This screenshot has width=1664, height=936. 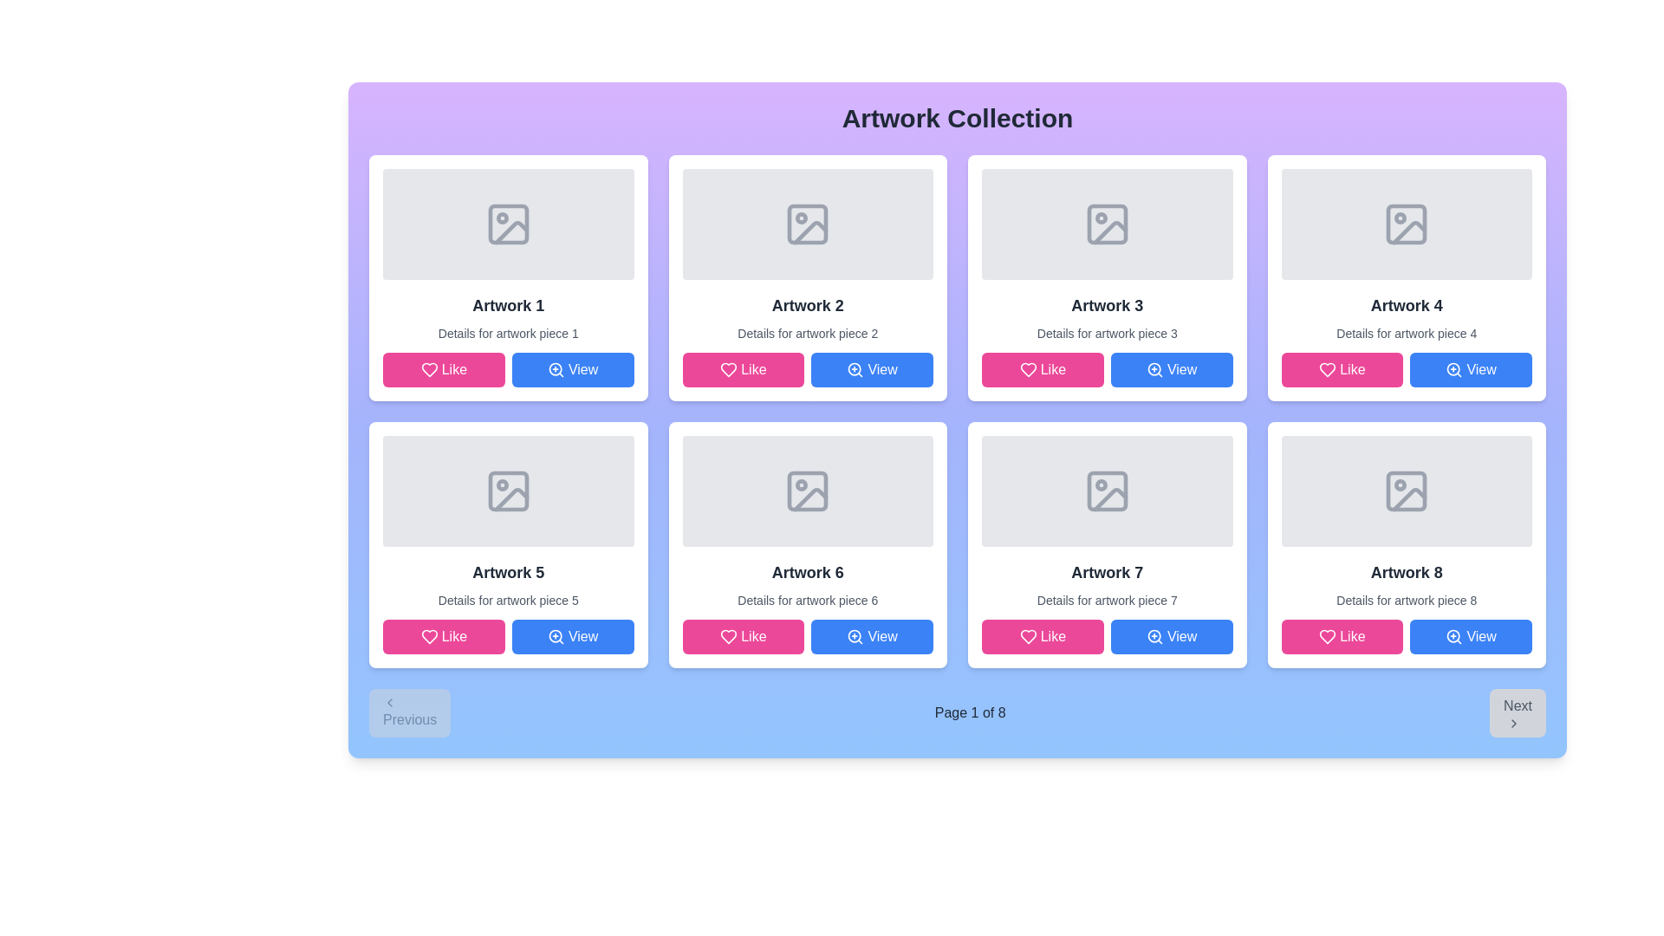 I want to click on the button, so click(x=1172, y=369).